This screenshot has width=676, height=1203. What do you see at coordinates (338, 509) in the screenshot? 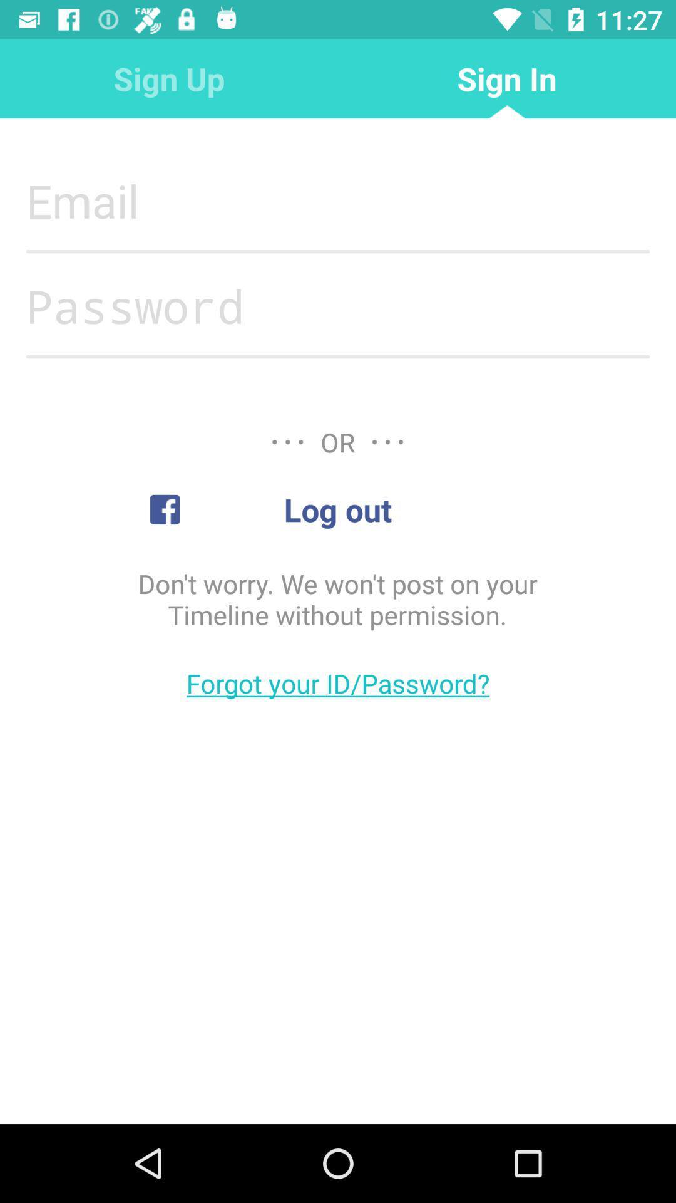
I see `log out` at bounding box center [338, 509].